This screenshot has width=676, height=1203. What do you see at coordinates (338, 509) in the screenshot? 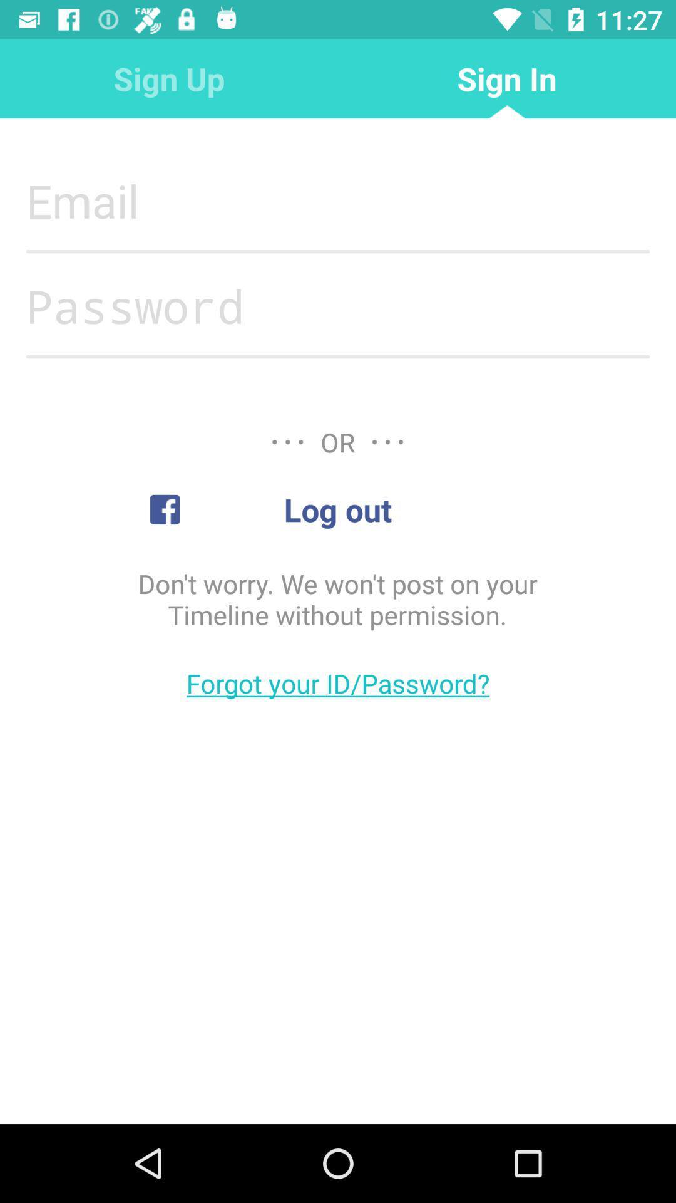
I see `log out` at bounding box center [338, 509].